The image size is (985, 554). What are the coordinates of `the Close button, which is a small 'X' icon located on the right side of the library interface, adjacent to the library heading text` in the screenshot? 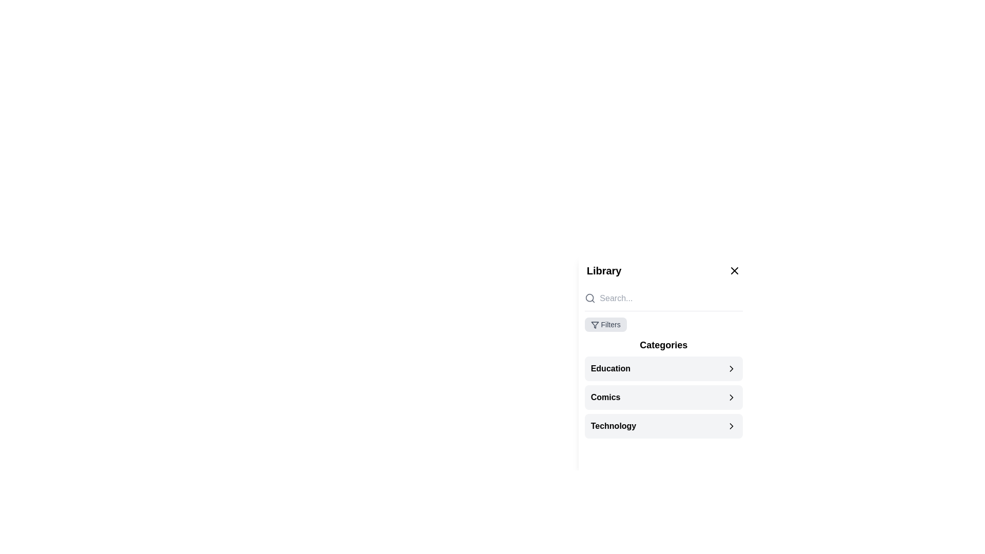 It's located at (734, 270).